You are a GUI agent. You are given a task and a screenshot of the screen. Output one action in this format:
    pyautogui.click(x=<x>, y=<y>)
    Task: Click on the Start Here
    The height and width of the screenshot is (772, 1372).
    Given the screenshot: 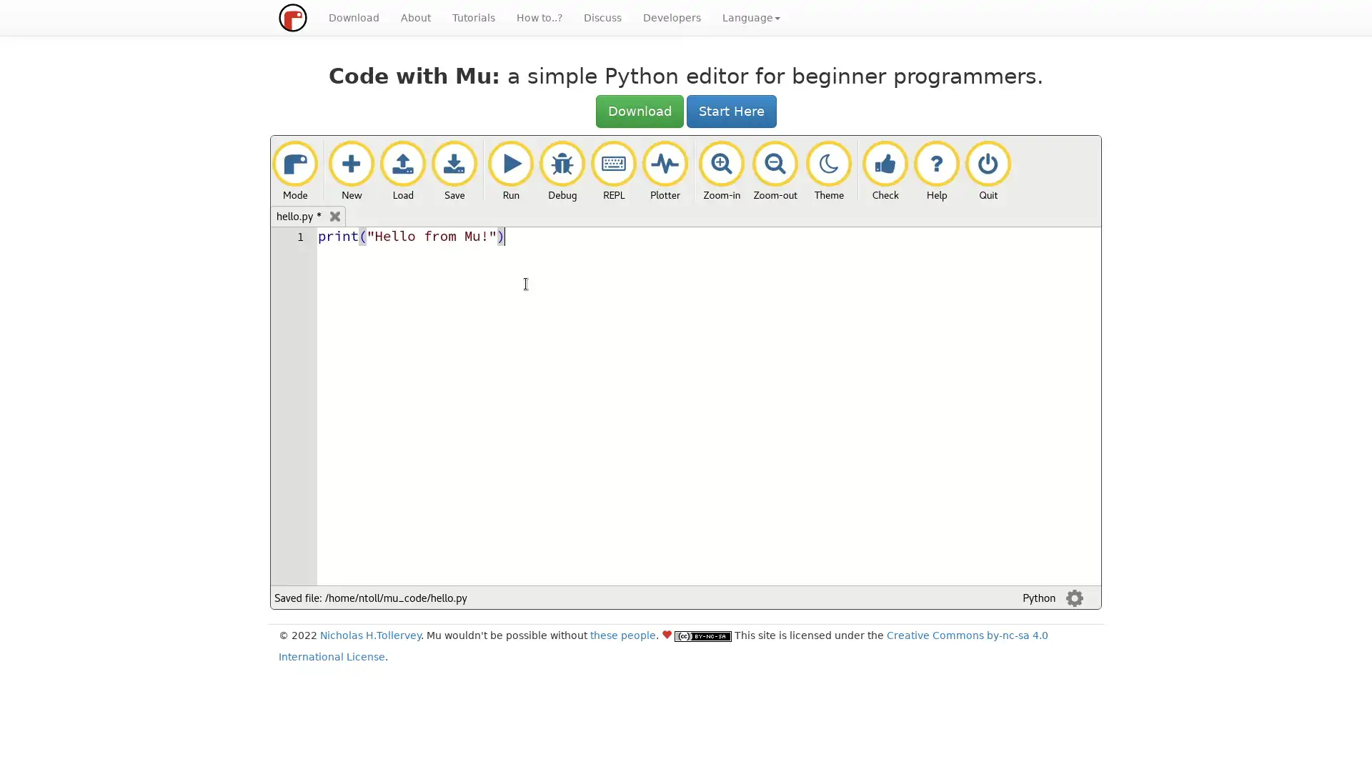 What is the action you would take?
    pyautogui.click(x=730, y=110)
    